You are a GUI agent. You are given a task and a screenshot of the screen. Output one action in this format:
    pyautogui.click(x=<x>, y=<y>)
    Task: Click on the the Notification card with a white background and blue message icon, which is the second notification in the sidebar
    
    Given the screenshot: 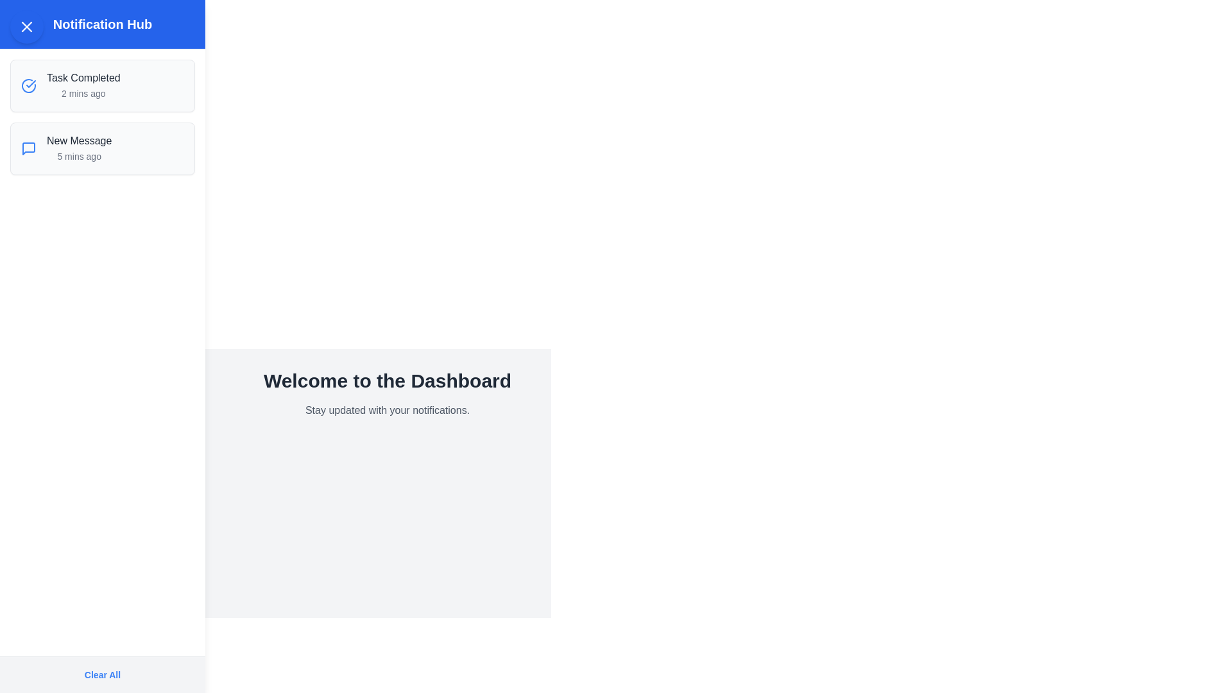 What is the action you would take?
    pyautogui.click(x=101, y=148)
    